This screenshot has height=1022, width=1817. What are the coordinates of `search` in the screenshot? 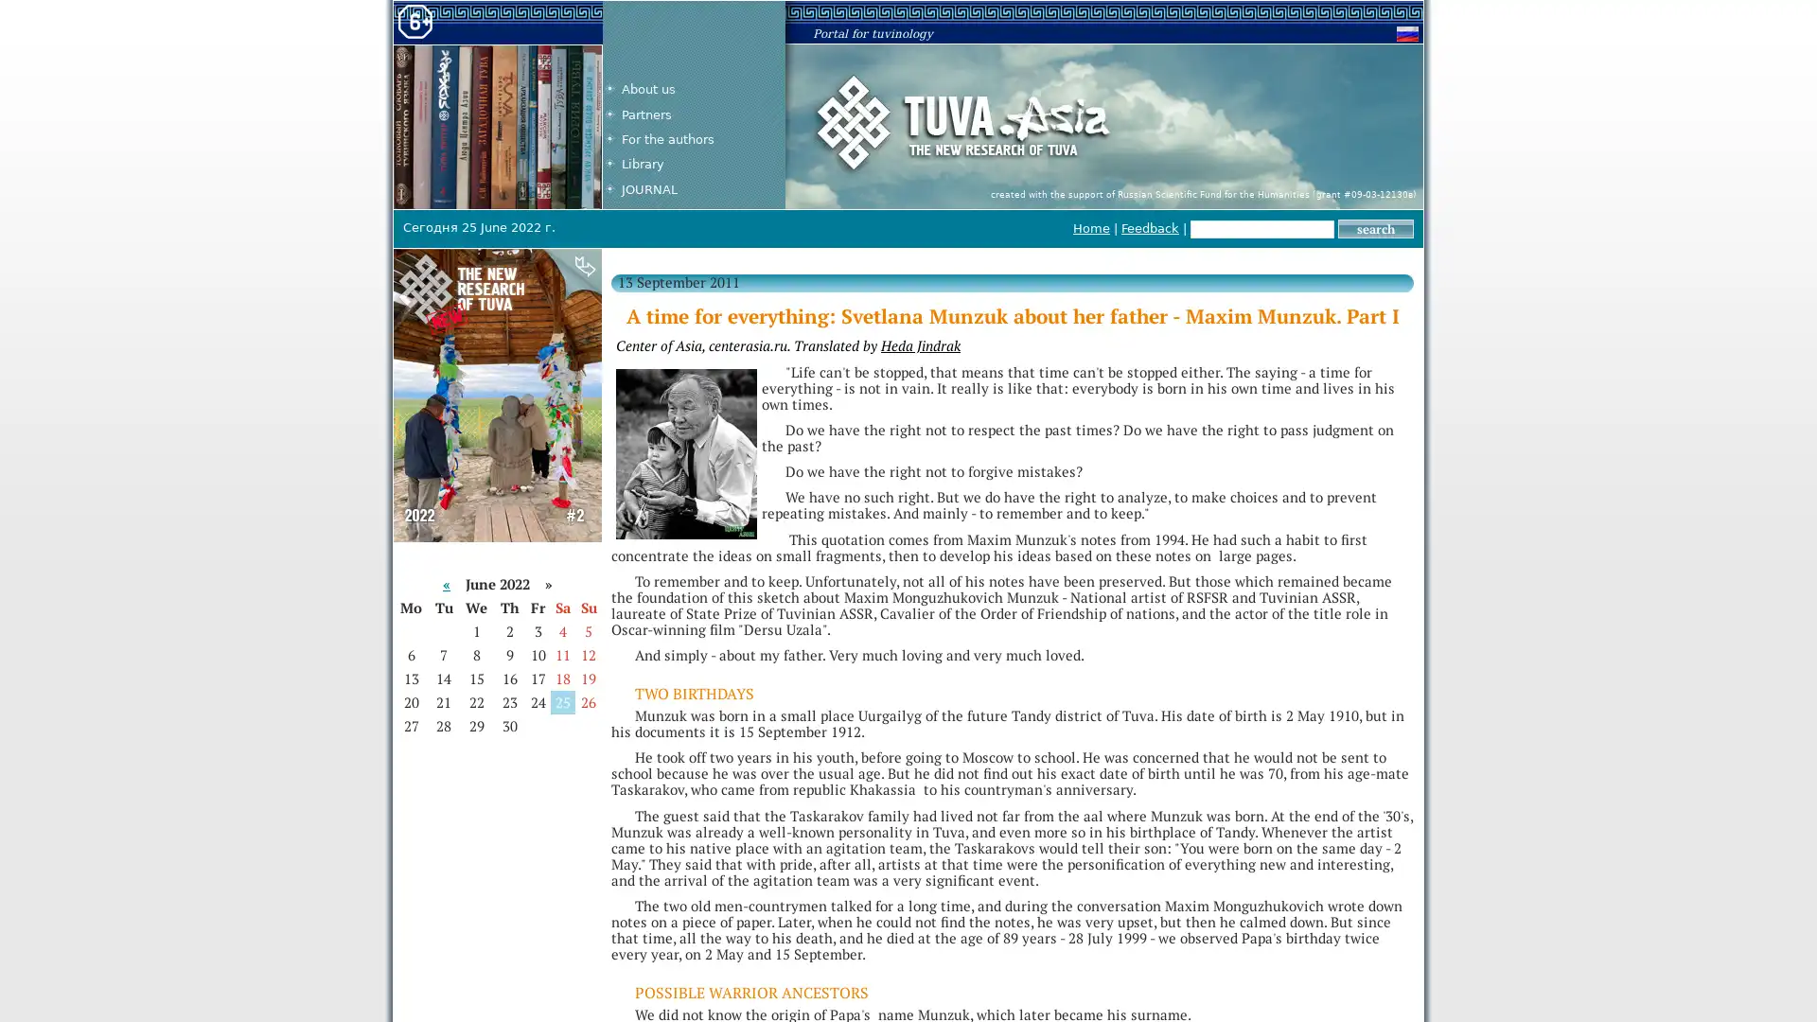 It's located at (1376, 228).